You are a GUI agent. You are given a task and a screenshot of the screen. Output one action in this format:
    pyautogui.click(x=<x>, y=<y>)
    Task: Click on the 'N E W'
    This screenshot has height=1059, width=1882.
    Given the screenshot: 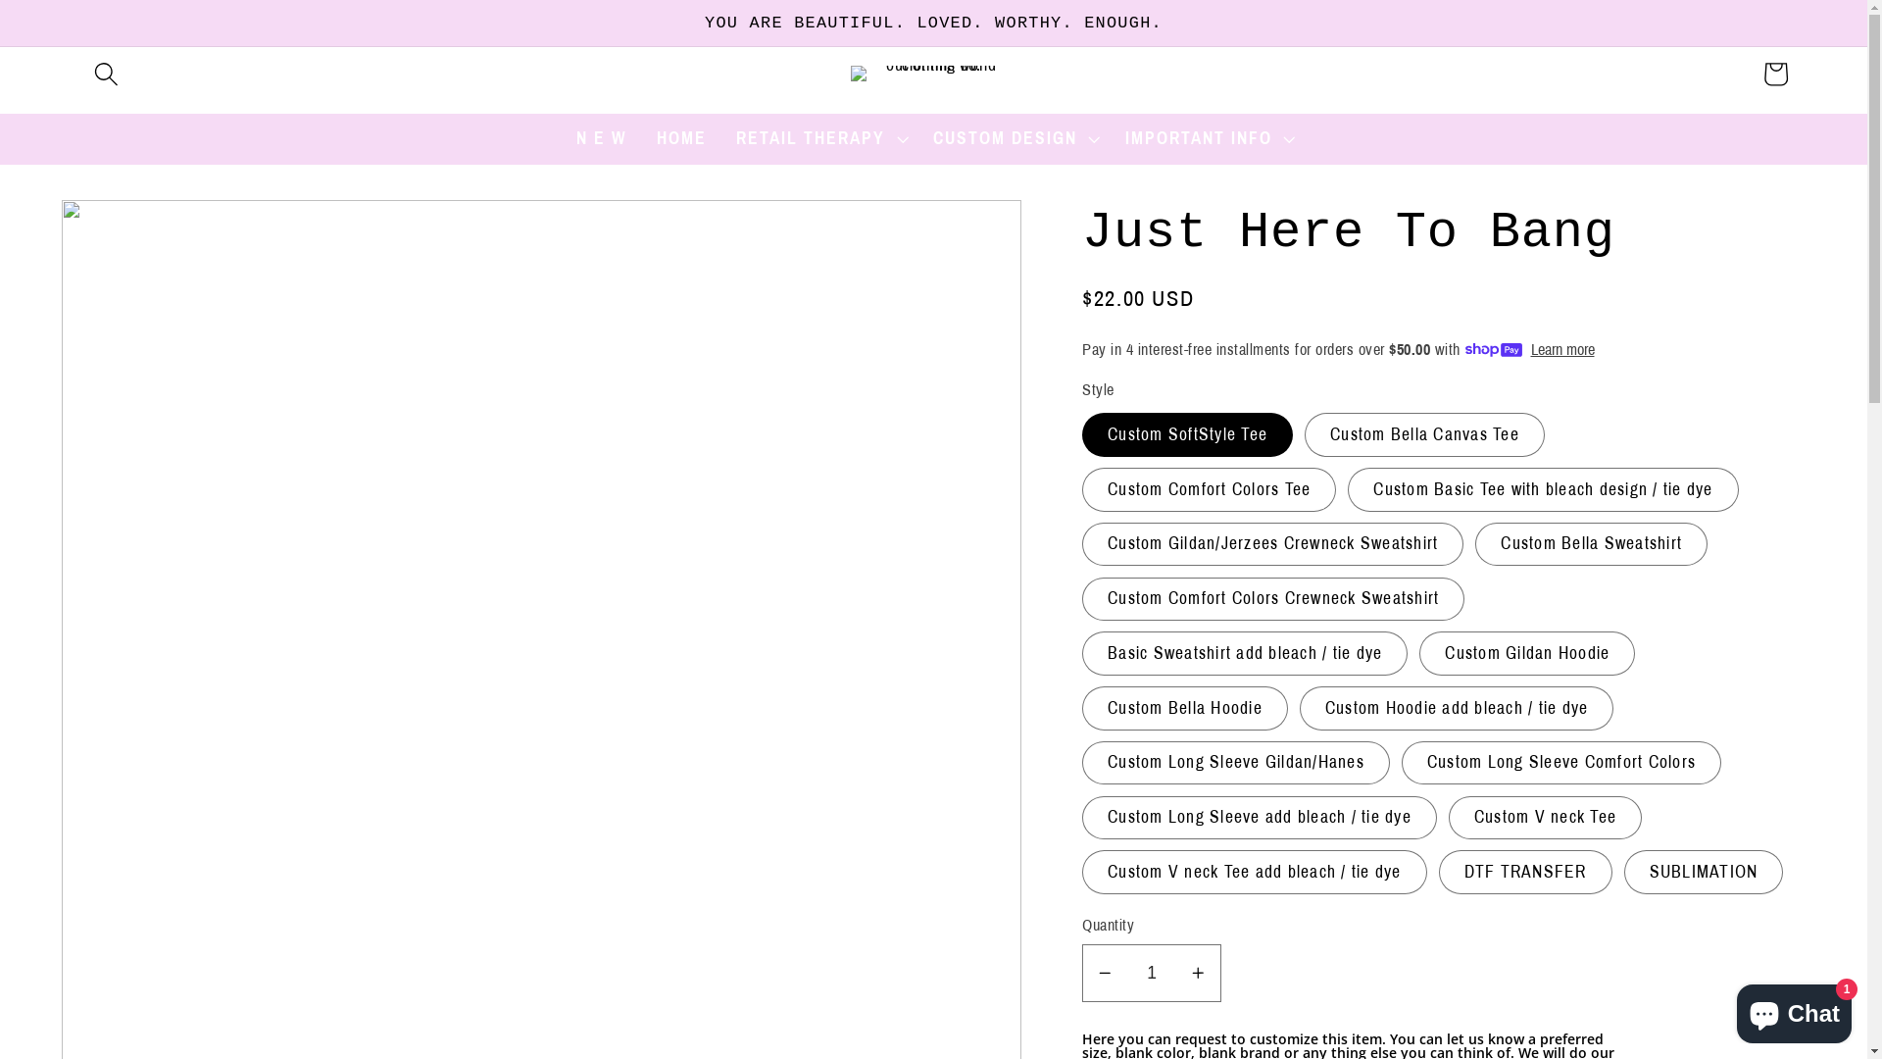 What is the action you would take?
    pyautogui.click(x=601, y=138)
    